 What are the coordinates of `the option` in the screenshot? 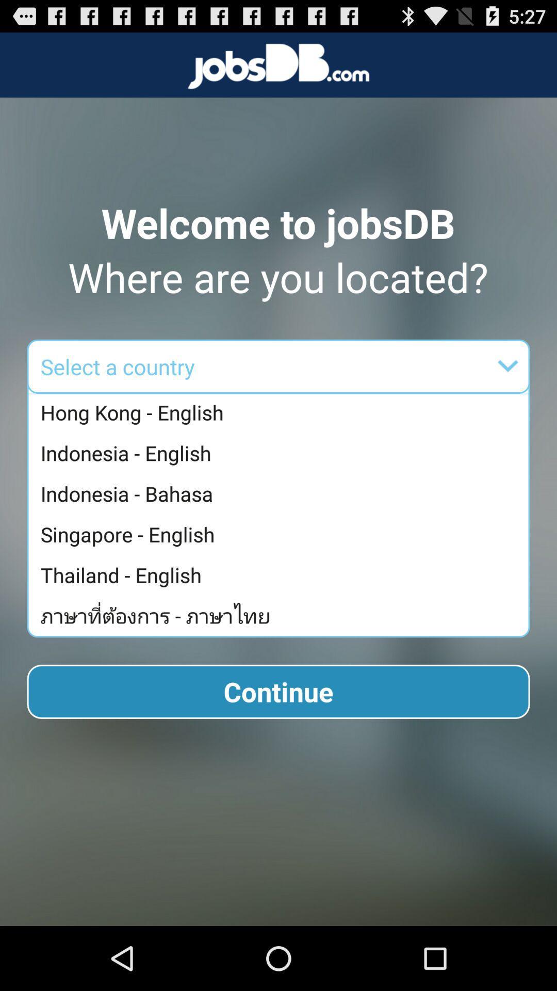 It's located at (345, 366).